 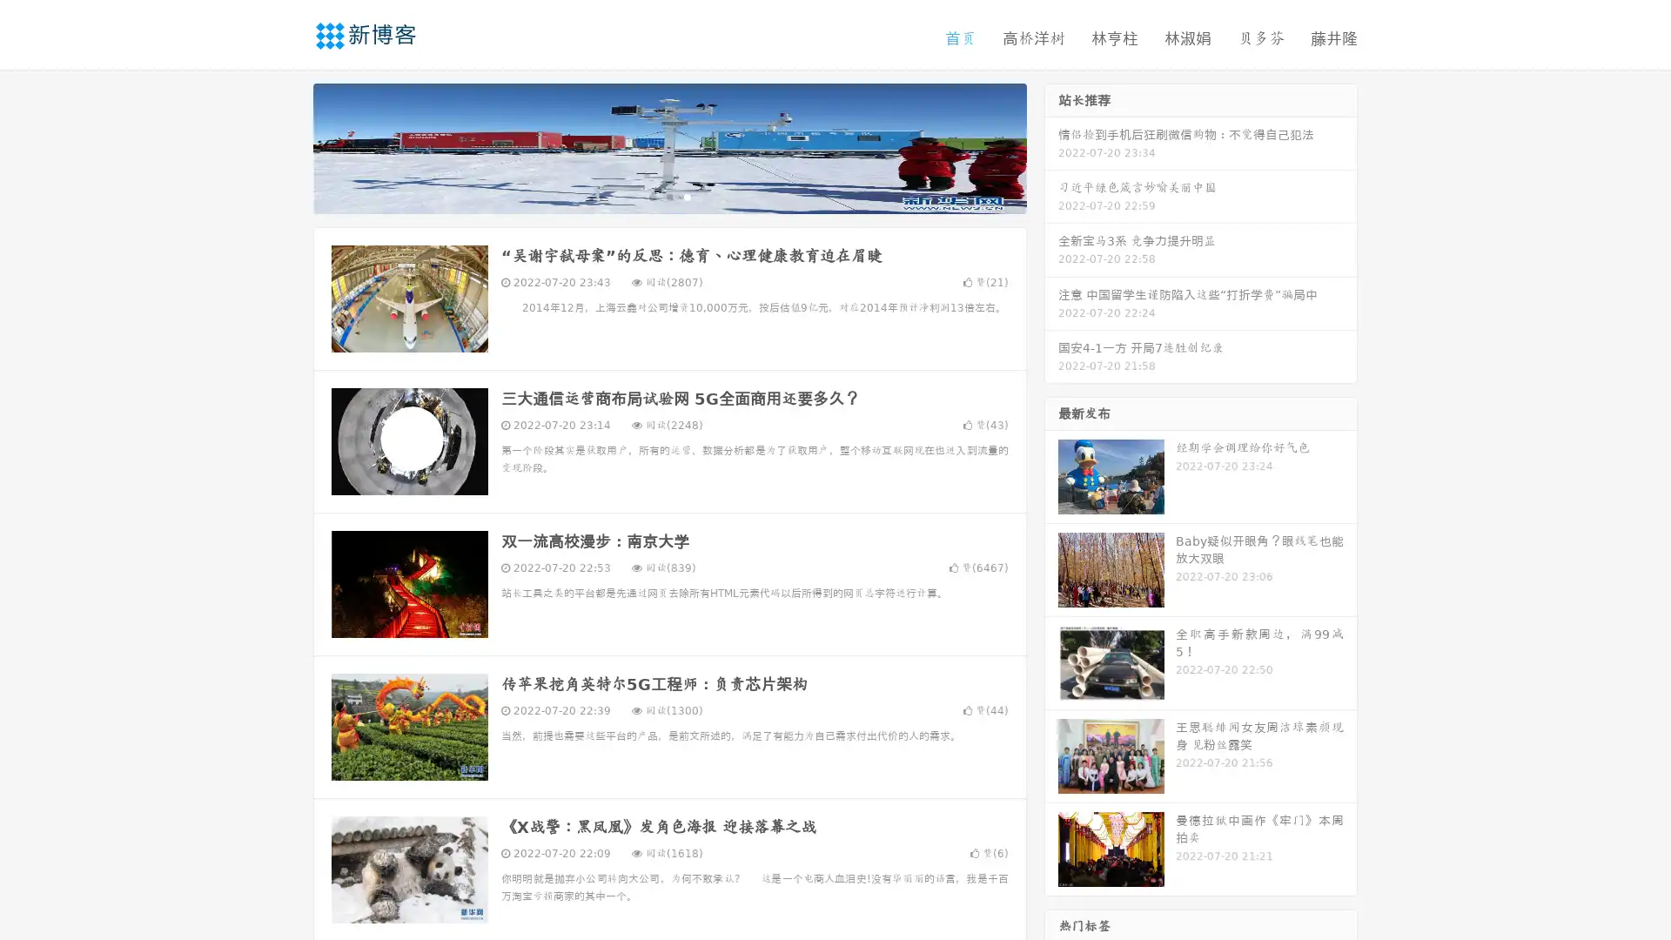 What do you see at coordinates (687, 196) in the screenshot?
I see `Go to slide 3` at bounding box center [687, 196].